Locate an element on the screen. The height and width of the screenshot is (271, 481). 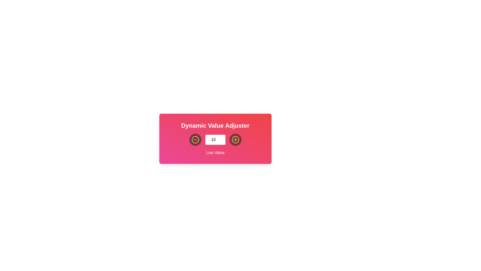
the yellow circular '+' button, which is the rightmost element in a group of controls on the red-to-pink gradient card is located at coordinates (235, 140).